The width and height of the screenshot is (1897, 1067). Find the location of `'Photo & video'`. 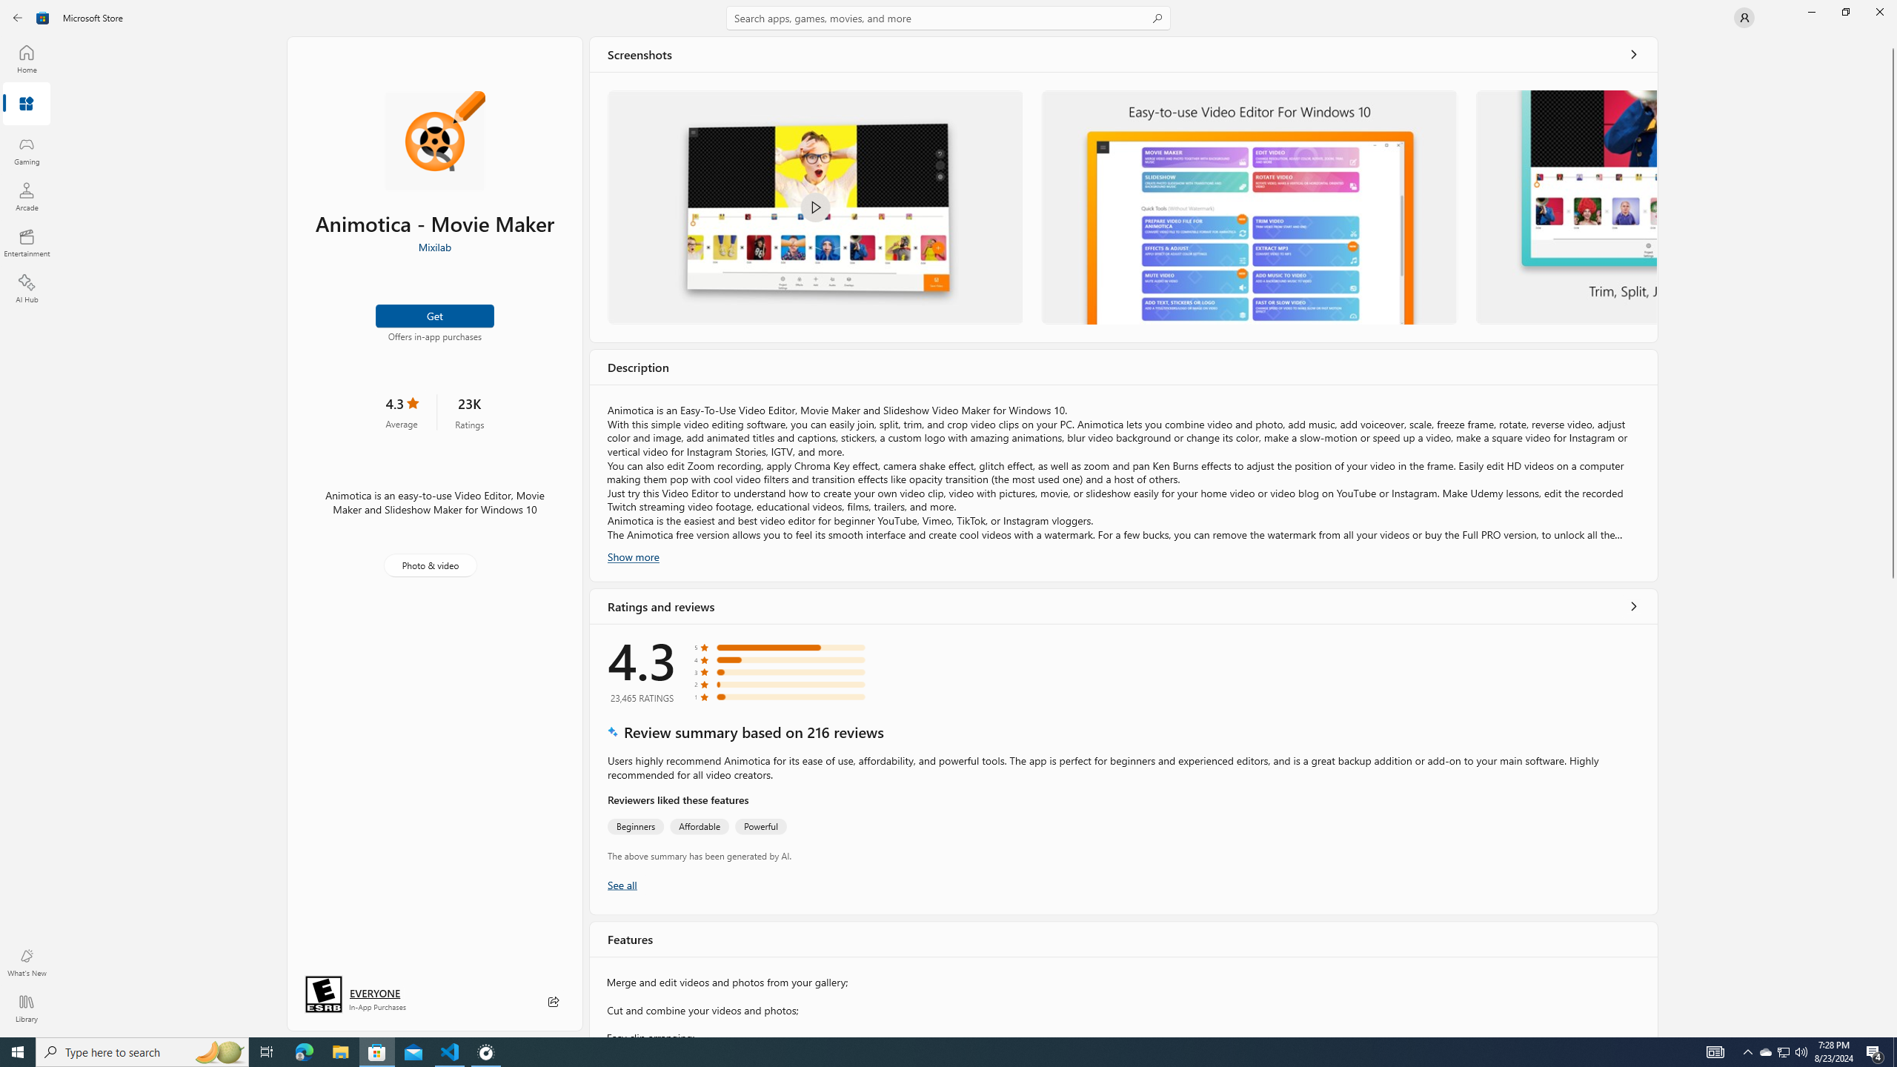

'Photo & video' is located at coordinates (428, 565).